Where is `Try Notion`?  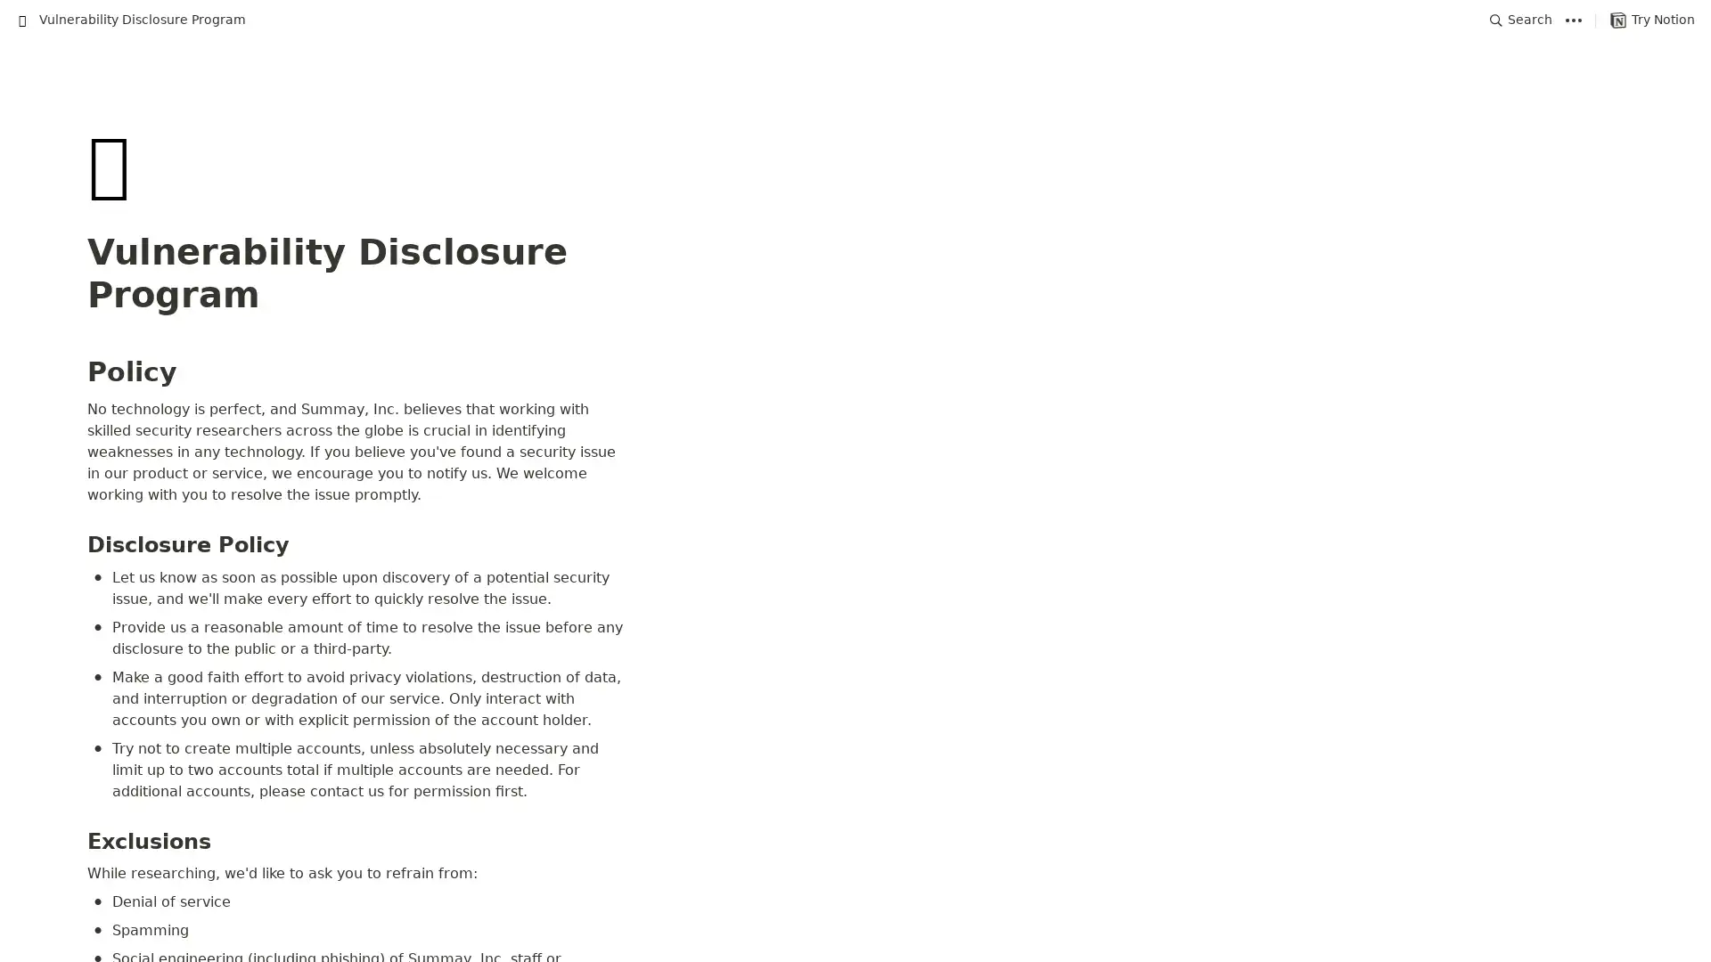
Try Notion is located at coordinates (1651, 20).